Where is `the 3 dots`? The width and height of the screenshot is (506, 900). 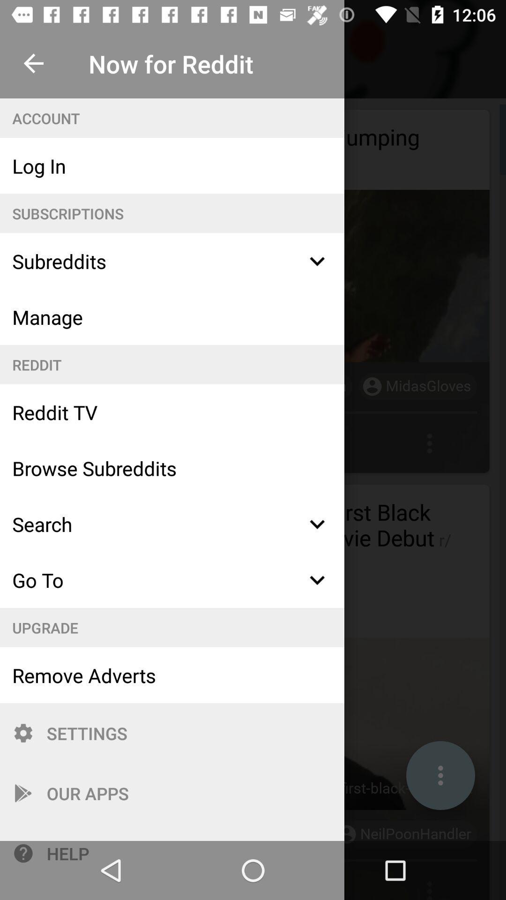
the 3 dots is located at coordinates (440, 775).